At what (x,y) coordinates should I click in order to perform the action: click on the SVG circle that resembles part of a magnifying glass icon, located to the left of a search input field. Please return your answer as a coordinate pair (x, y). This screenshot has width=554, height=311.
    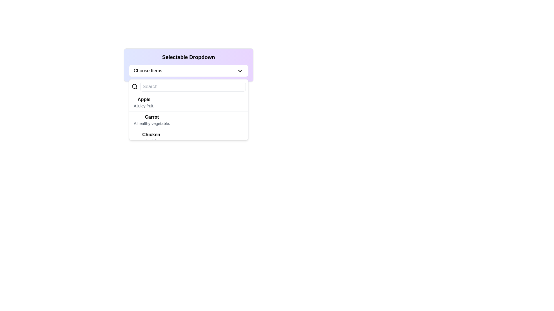
    Looking at the image, I should click on (134, 86).